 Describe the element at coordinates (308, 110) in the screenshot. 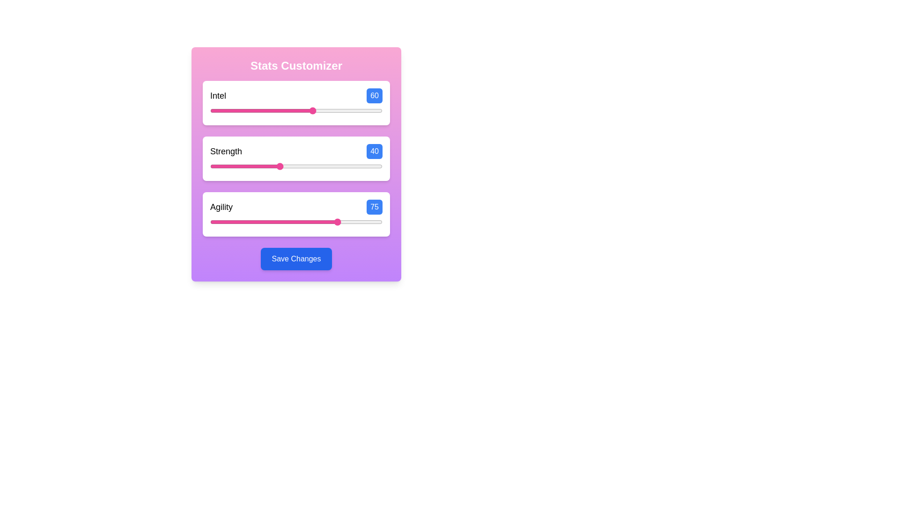

I see `the slider` at that location.